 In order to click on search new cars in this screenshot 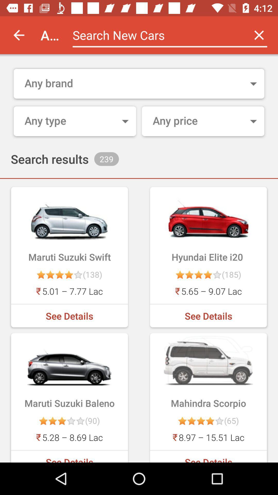, I will do `click(156, 35)`.